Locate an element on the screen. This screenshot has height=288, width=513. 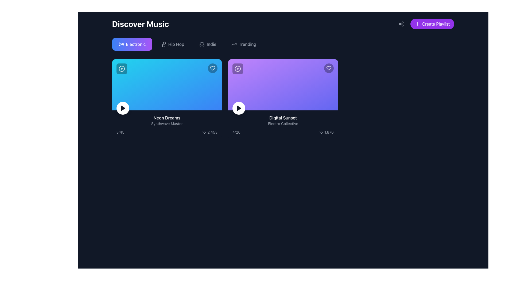
the heart icon in the bottom-right corner of the 'Digital Sunset' music card, which displays the number of likes or favorites is located at coordinates (326, 132).